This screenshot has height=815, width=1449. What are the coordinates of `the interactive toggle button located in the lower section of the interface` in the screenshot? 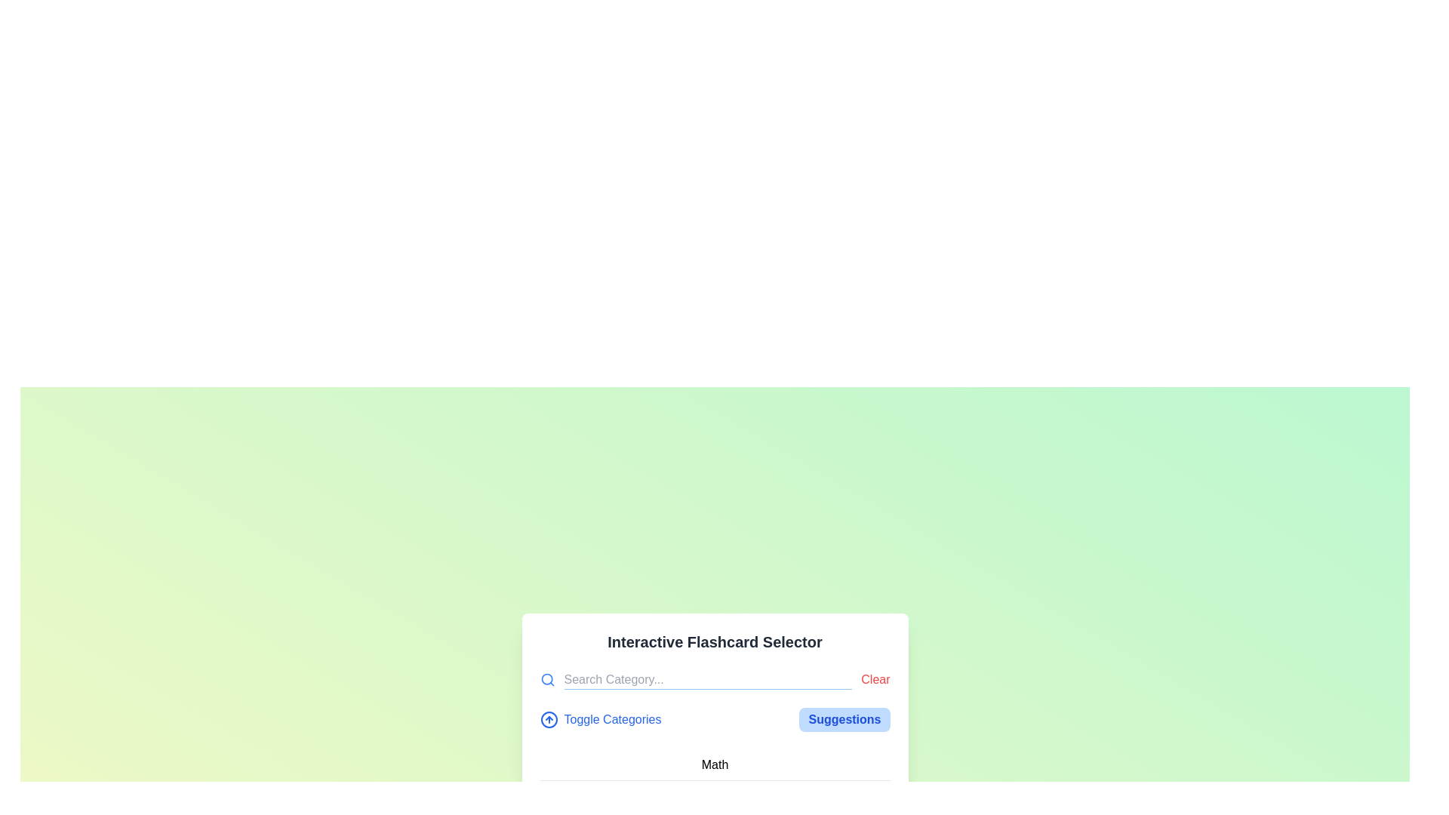 It's located at (600, 718).